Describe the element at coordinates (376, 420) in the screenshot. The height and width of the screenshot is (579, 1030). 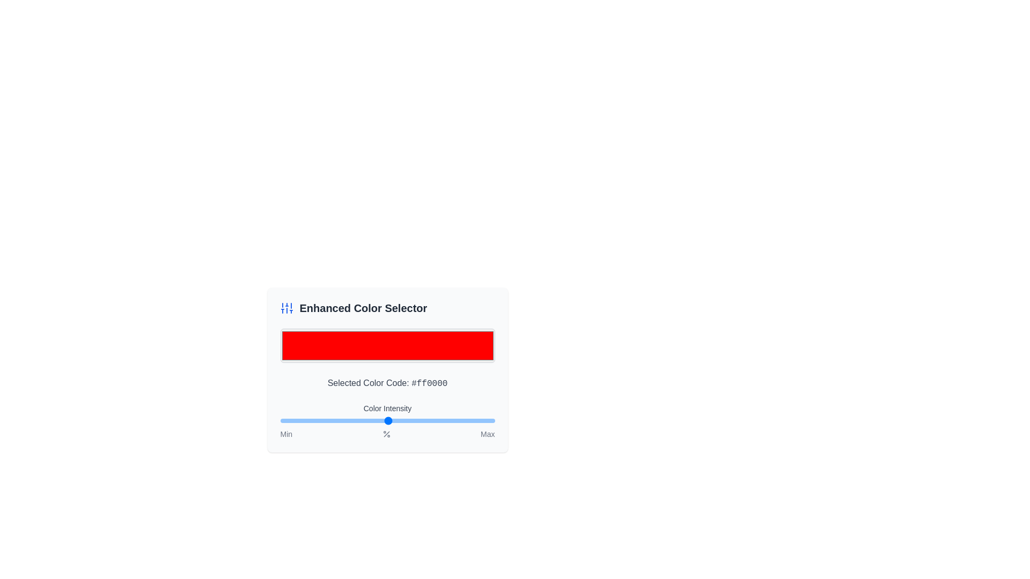
I see `the slider value` at that location.